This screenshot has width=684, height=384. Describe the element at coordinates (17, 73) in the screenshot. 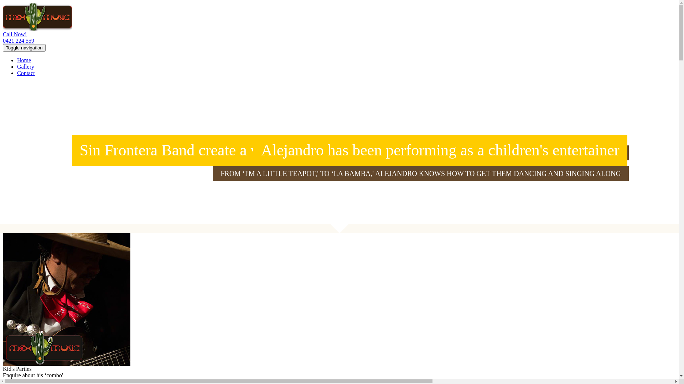

I see `'Contact'` at that location.